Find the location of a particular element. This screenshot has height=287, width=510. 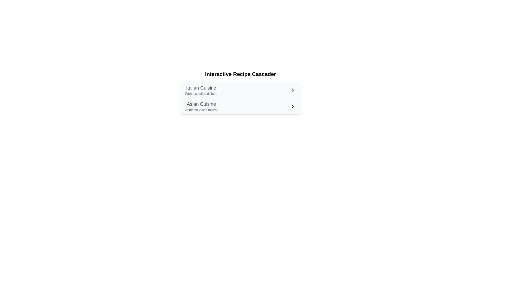

the navigational panel for selecting recipe categories, which includes the title and two list items ('Italian Cuisine' and 'Asian Cuisine') is located at coordinates (240, 92).